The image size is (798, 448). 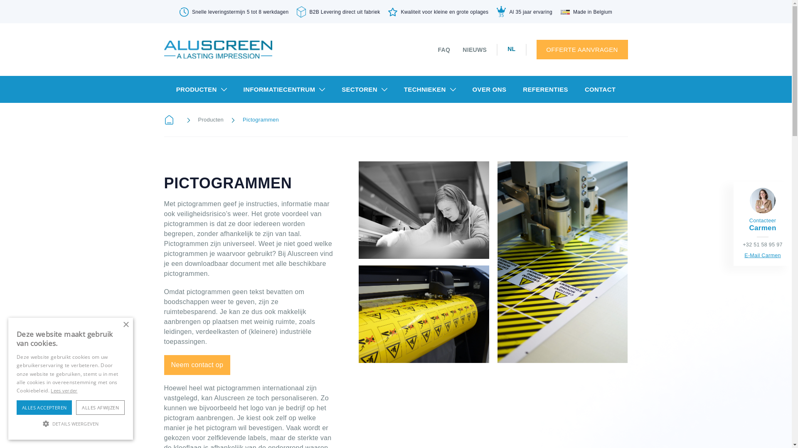 What do you see at coordinates (511, 49) in the screenshot?
I see `'NL'` at bounding box center [511, 49].